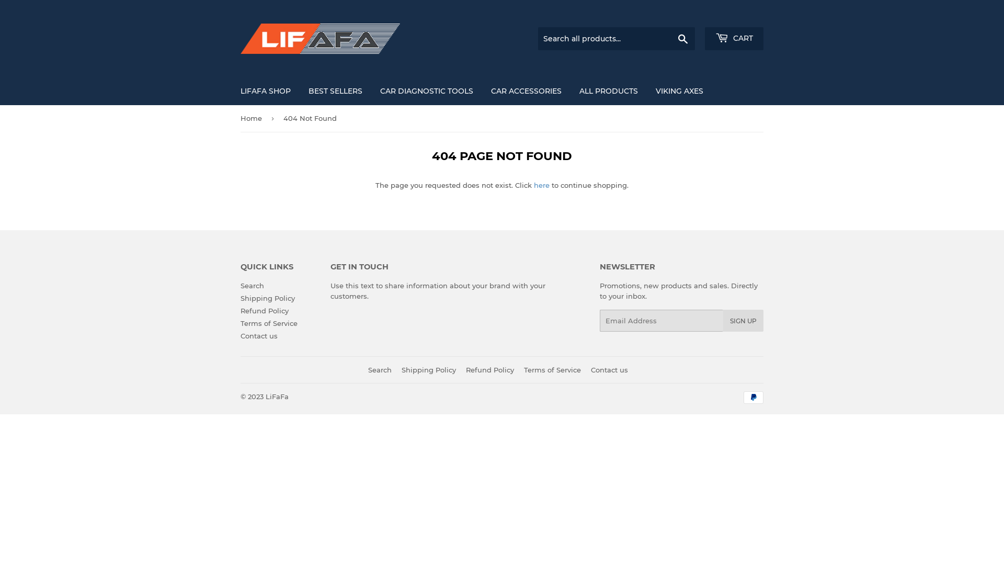  Describe the element at coordinates (733, 38) in the screenshot. I see `'CART'` at that location.